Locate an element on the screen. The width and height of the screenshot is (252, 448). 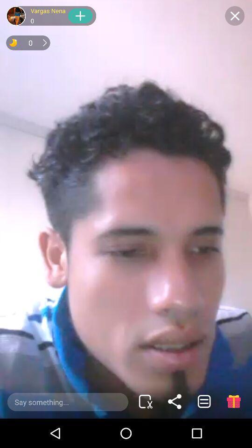
the close icon is located at coordinates (234, 15).